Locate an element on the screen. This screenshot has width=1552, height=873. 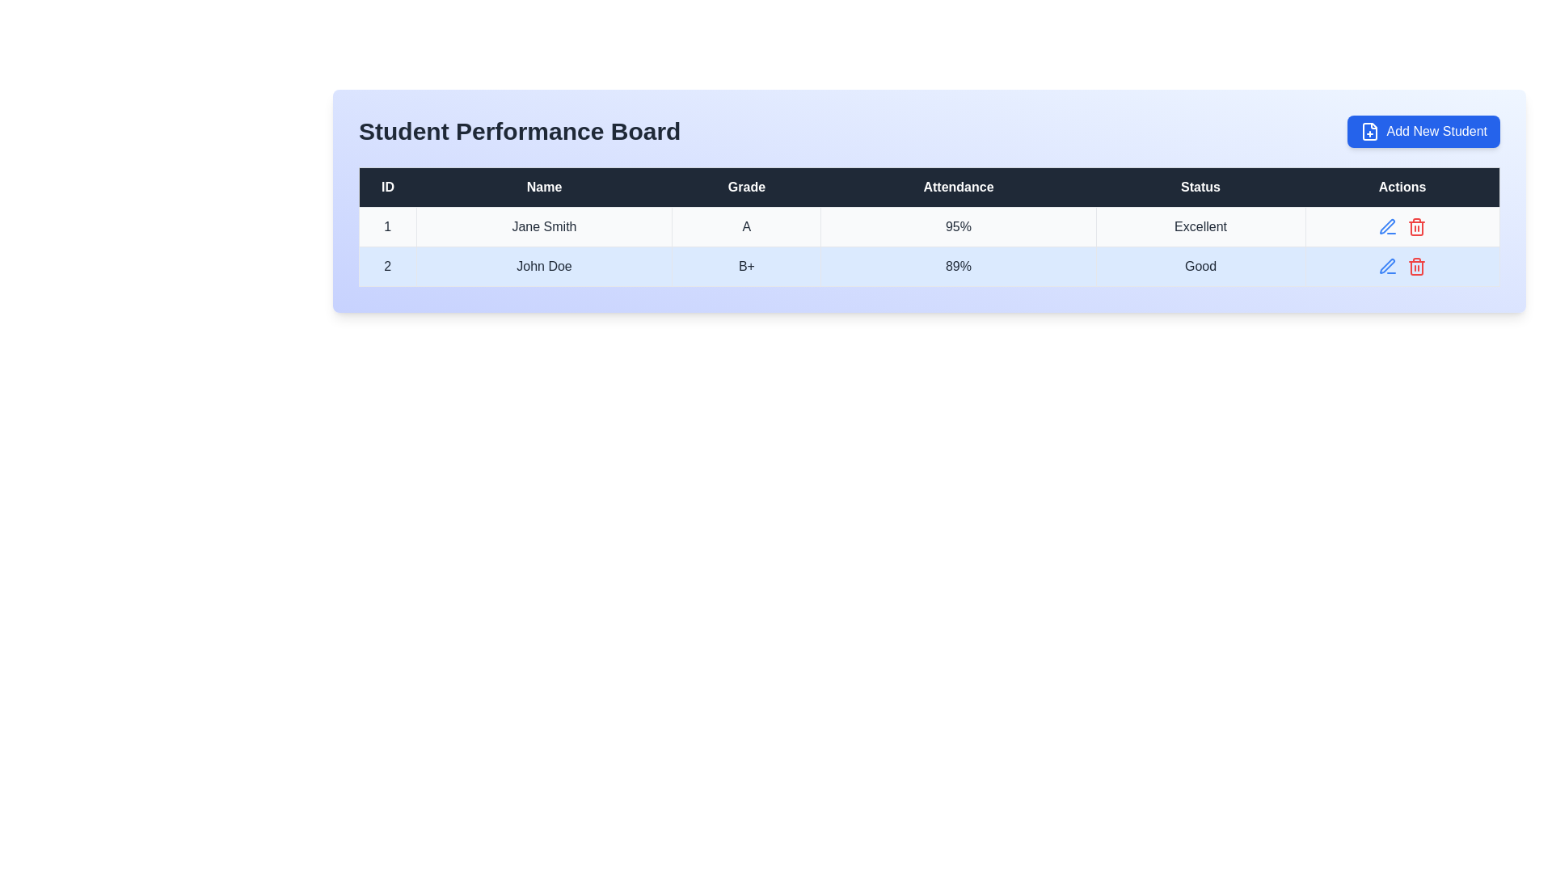
the second row in the performance board table displaying the details for 'John Doe', which includes the number '2', grade 'B+', attendance '89%', and status 'Good' is located at coordinates (930, 266).